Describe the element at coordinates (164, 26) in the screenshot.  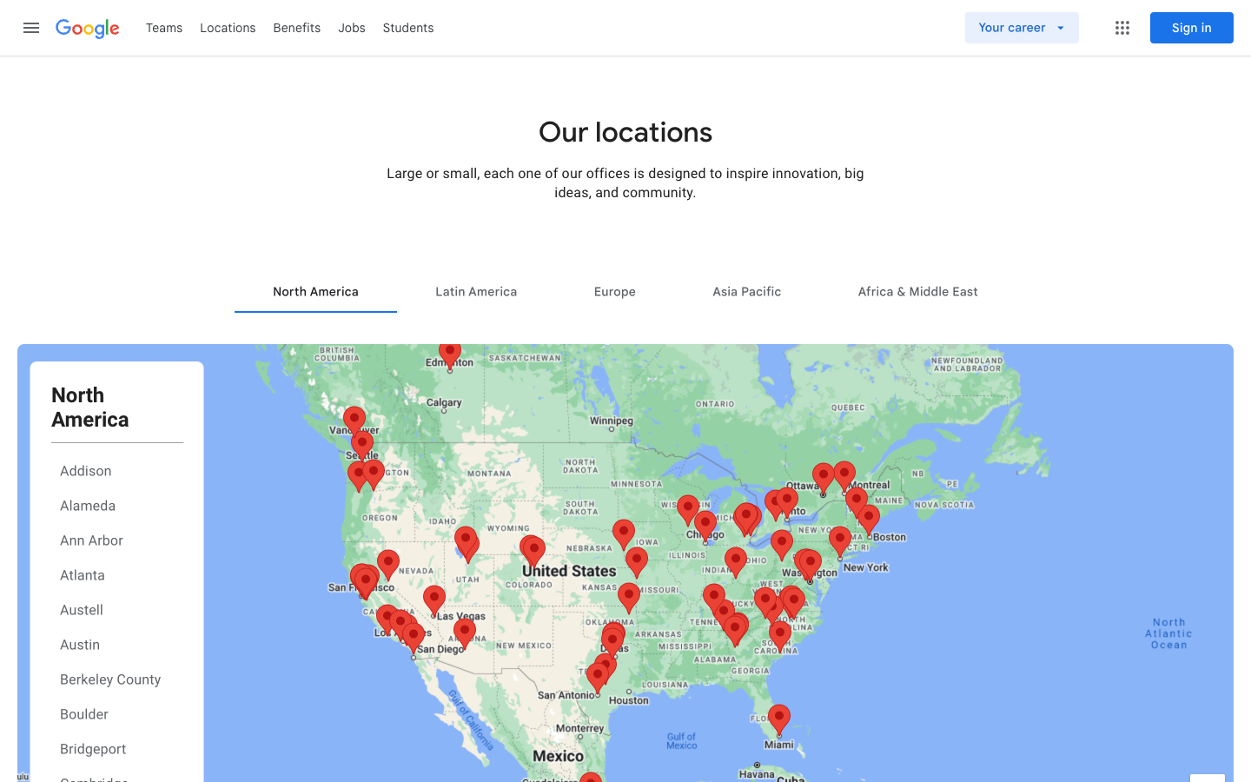
I see `Teams tab` at that location.